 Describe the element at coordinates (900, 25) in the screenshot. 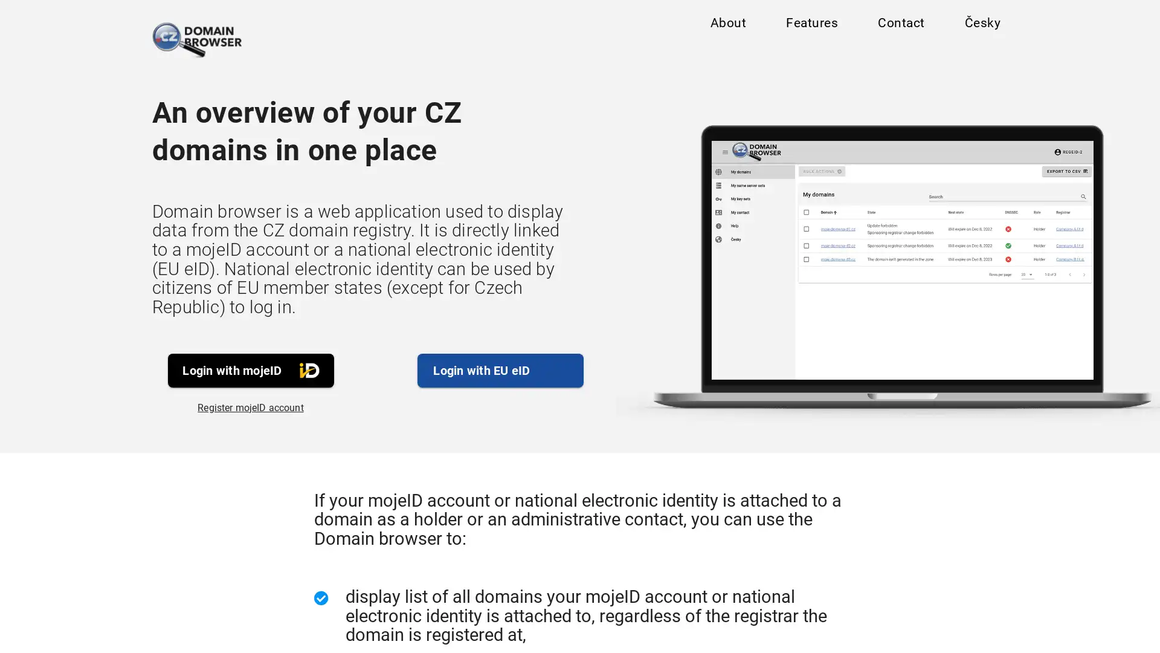

I see `Contact` at that location.